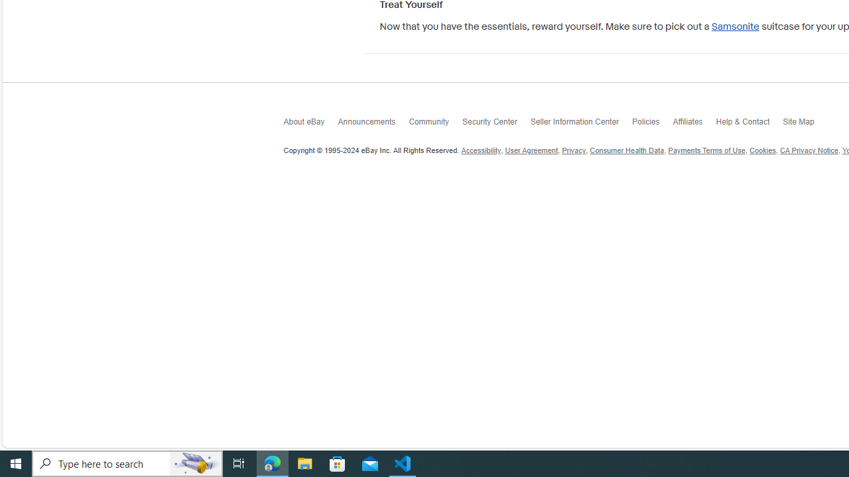 The height and width of the screenshot is (477, 849). Describe the element at coordinates (750, 124) in the screenshot. I see `'Help & Contact'` at that location.